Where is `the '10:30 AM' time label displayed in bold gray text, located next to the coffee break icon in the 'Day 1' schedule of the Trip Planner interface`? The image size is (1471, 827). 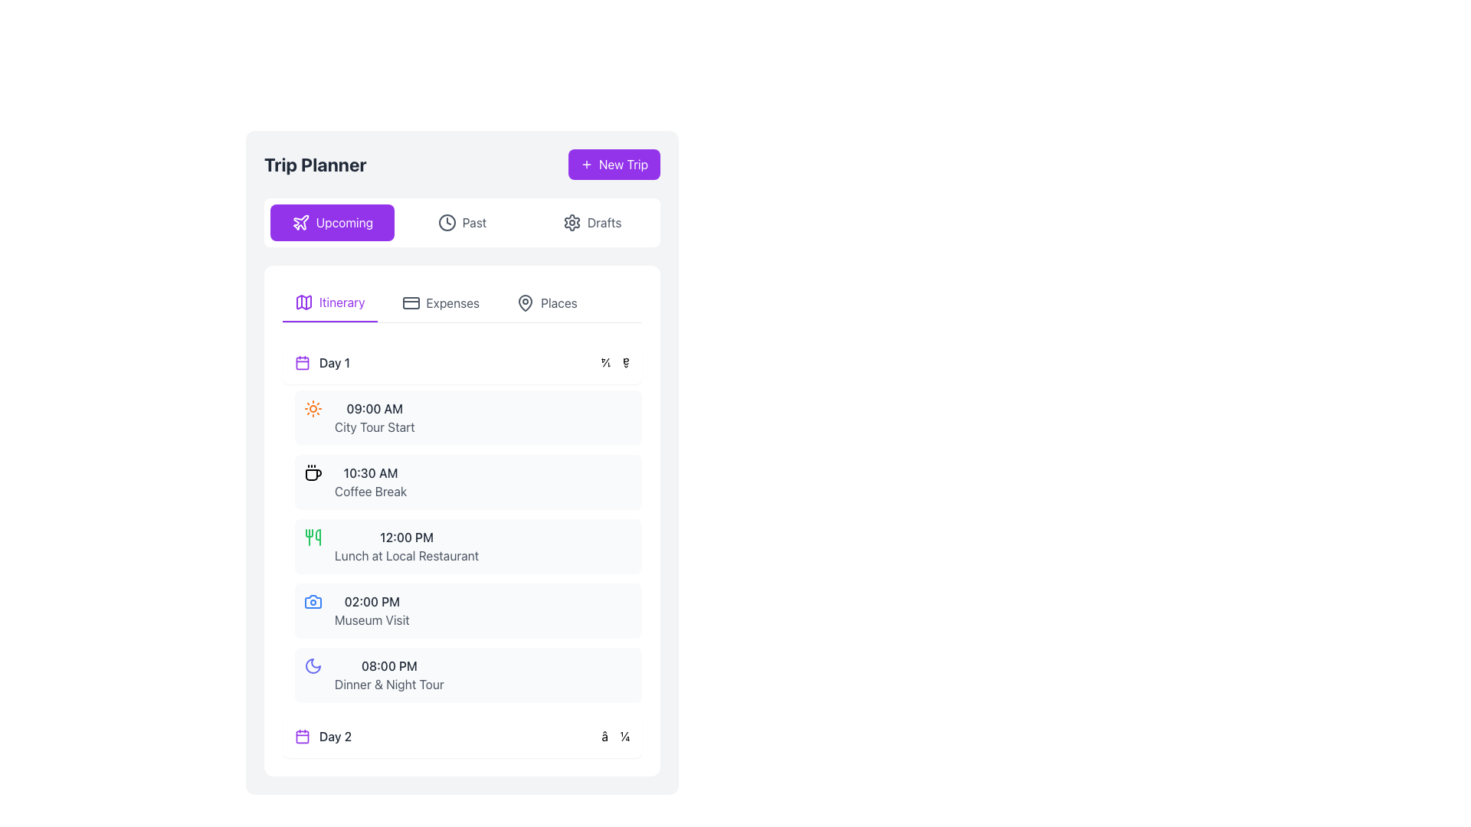
the '10:30 AM' time label displayed in bold gray text, located next to the coffee break icon in the 'Day 1' schedule of the Trip Planner interface is located at coordinates (371, 472).